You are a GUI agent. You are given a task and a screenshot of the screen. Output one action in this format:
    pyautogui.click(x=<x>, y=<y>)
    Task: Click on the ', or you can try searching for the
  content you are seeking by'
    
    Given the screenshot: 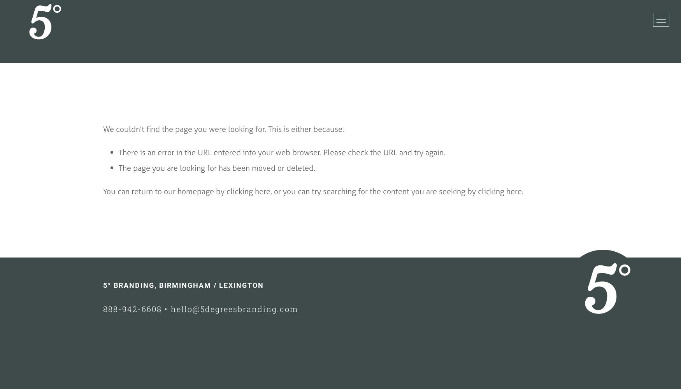 What is the action you would take?
    pyautogui.click(x=374, y=191)
    